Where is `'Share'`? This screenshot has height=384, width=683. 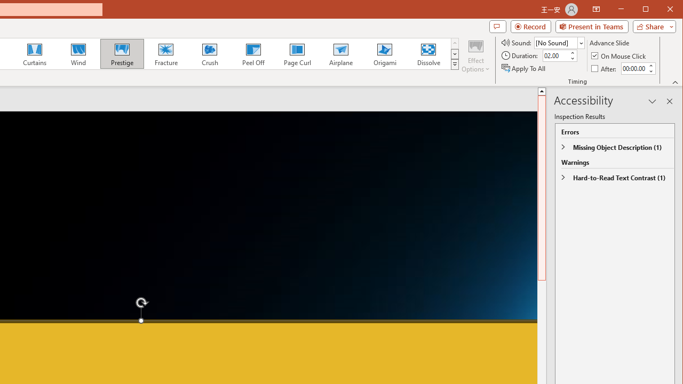 'Share' is located at coordinates (652, 26).